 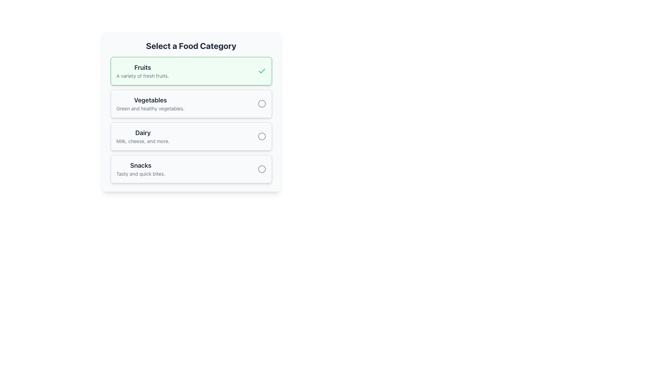 I want to click on the 'Vegetables' button, which is the second option in the list of selectable food categories, so click(x=191, y=104).